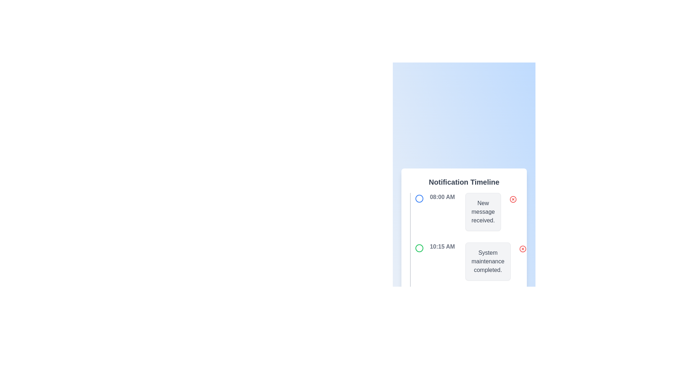 This screenshot has height=388, width=690. Describe the element at coordinates (469, 264) in the screenshot. I see `the second notification item indicating successful system maintenance in the notification timeline interface` at that location.